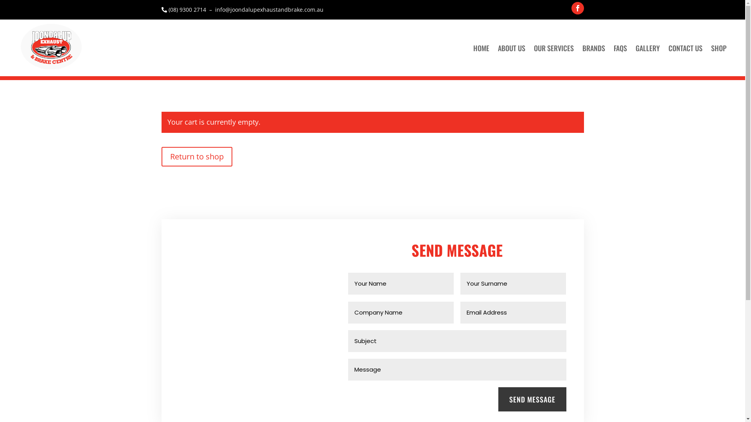 The image size is (751, 422). Describe the element at coordinates (481, 48) in the screenshot. I see `'HOME'` at that location.